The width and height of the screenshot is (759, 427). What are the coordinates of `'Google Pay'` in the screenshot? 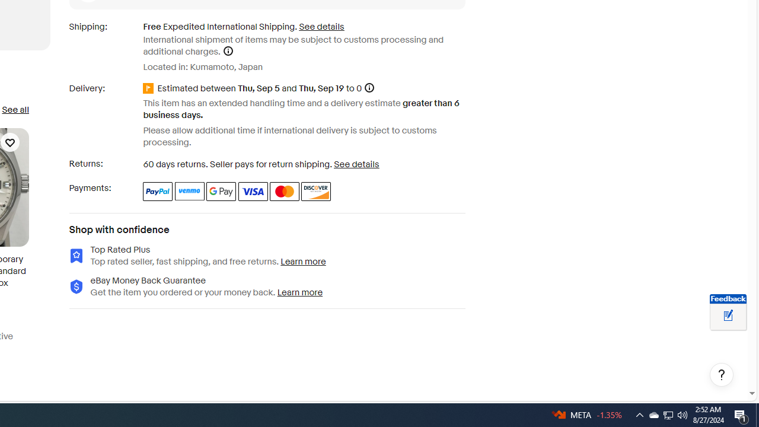 It's located at (221, 190).